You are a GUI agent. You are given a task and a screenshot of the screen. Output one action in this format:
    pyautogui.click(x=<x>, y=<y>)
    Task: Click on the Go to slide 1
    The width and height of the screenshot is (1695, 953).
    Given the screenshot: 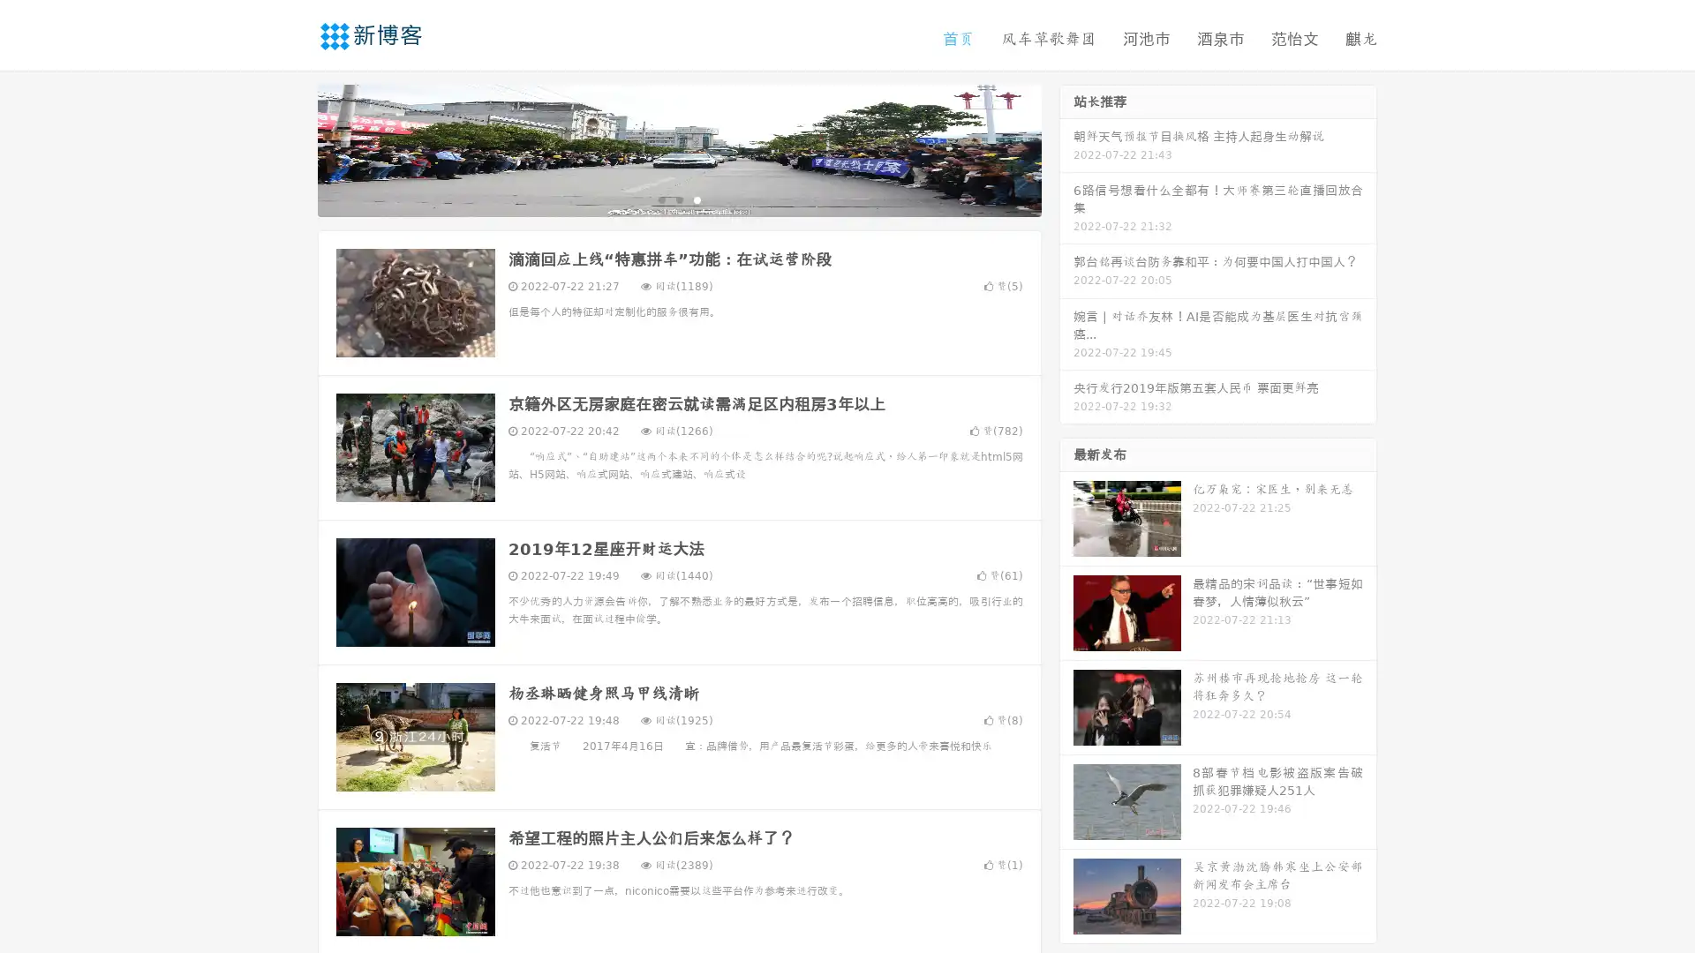 What is the action you would take?
    pyautogui.click(x=660, y=199)
    